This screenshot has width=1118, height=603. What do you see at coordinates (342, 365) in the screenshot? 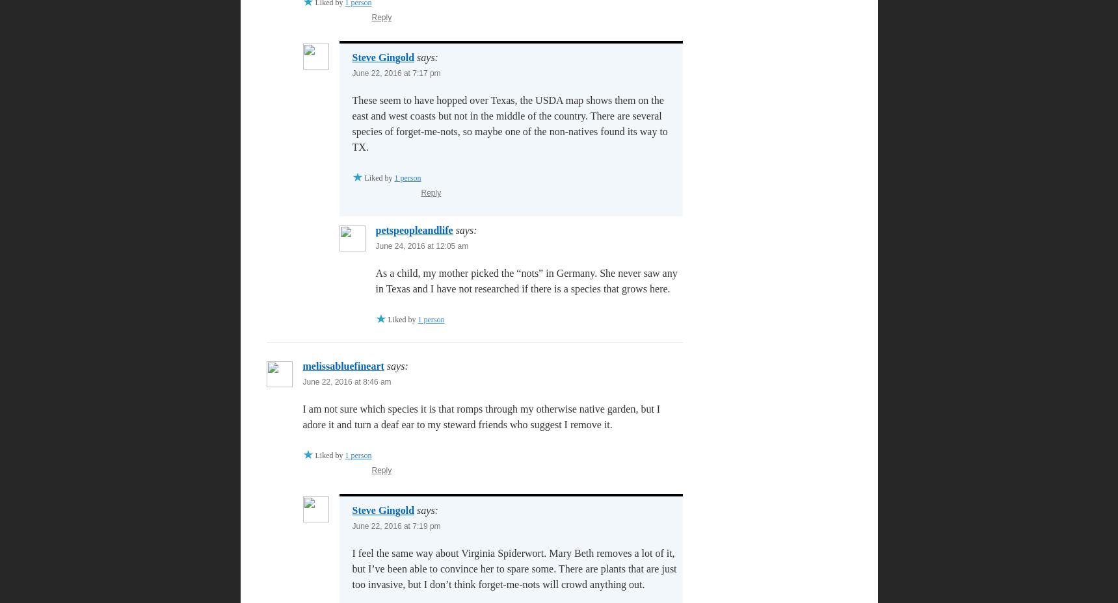
I see `'melissabluefineart'` at bounding box center [342, 365].